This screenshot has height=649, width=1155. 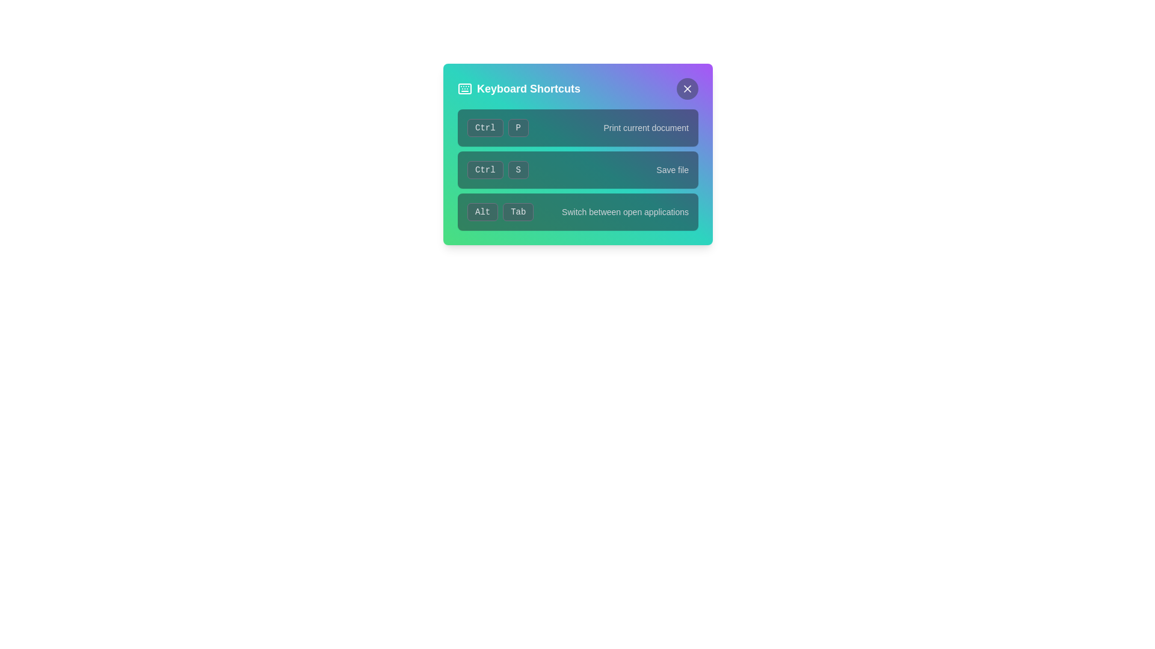 What do you see at coordinates (519, 88) in the screenshot?
I see `the title bar labeled 'Keyboard Shortcuts' that features a keyboard icon on its left side` at bounding box center [519, 88].